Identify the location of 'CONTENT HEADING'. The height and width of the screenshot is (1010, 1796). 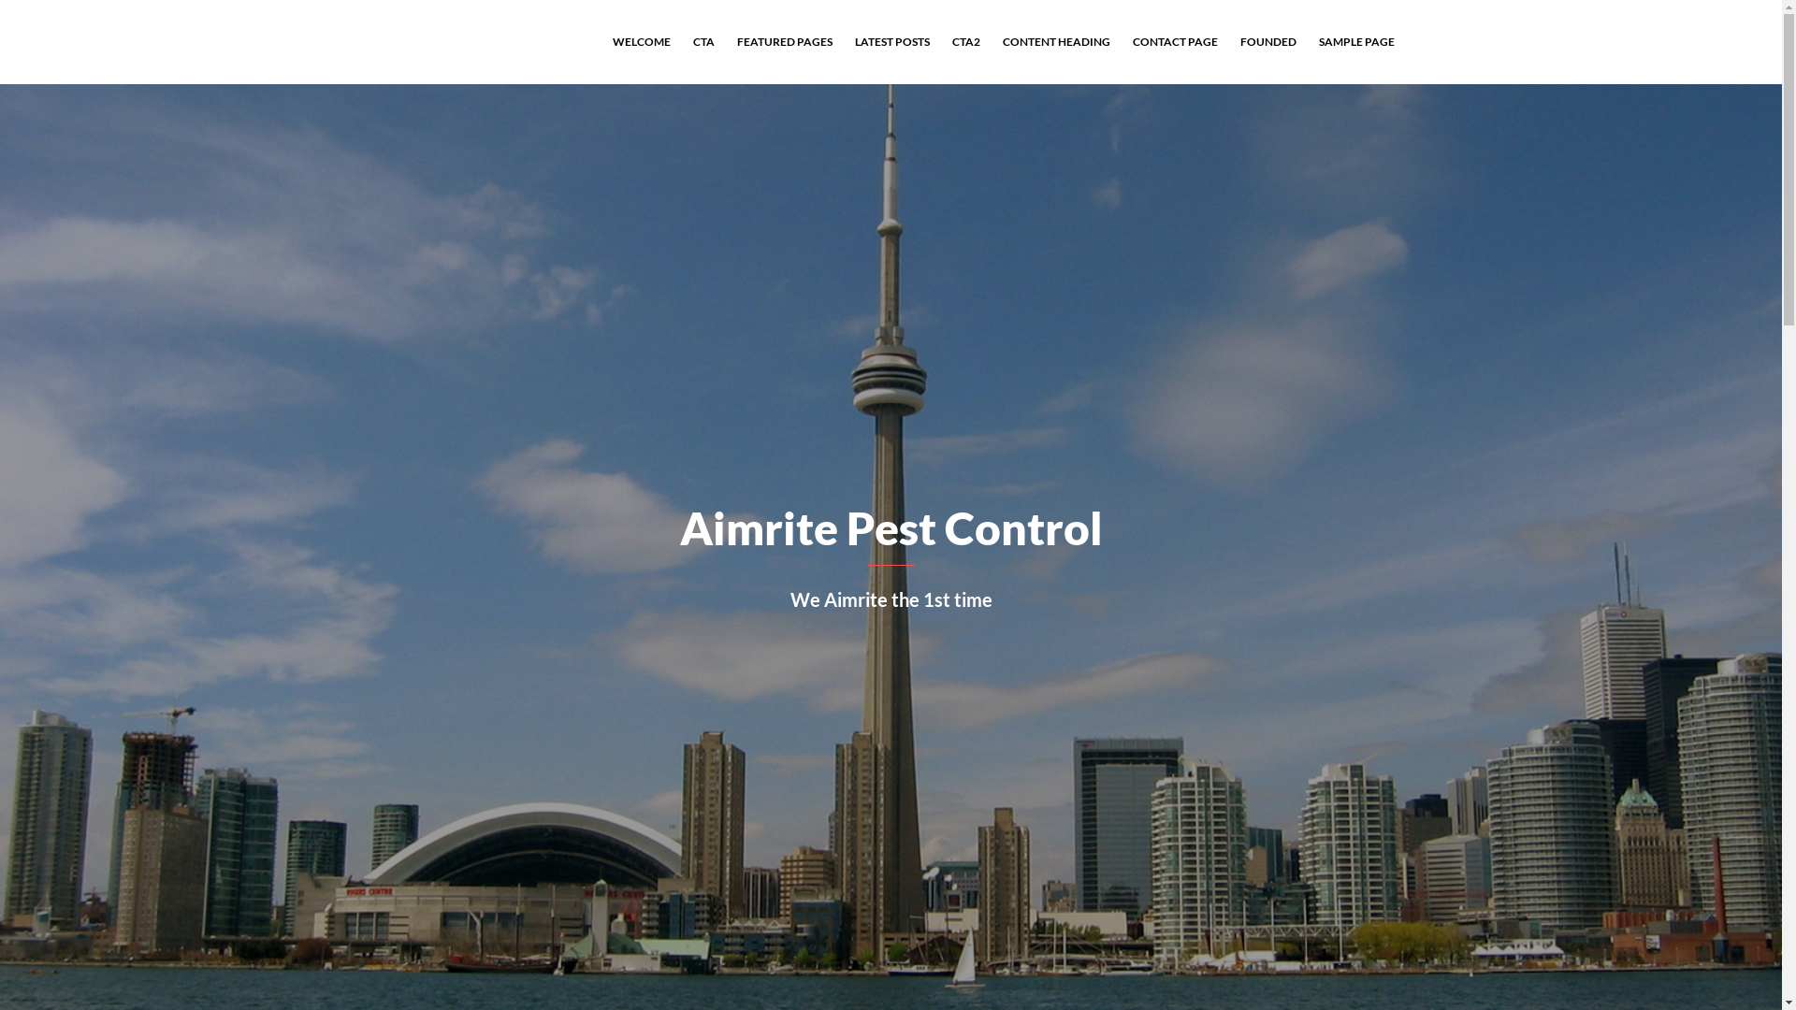
(1056, 42).